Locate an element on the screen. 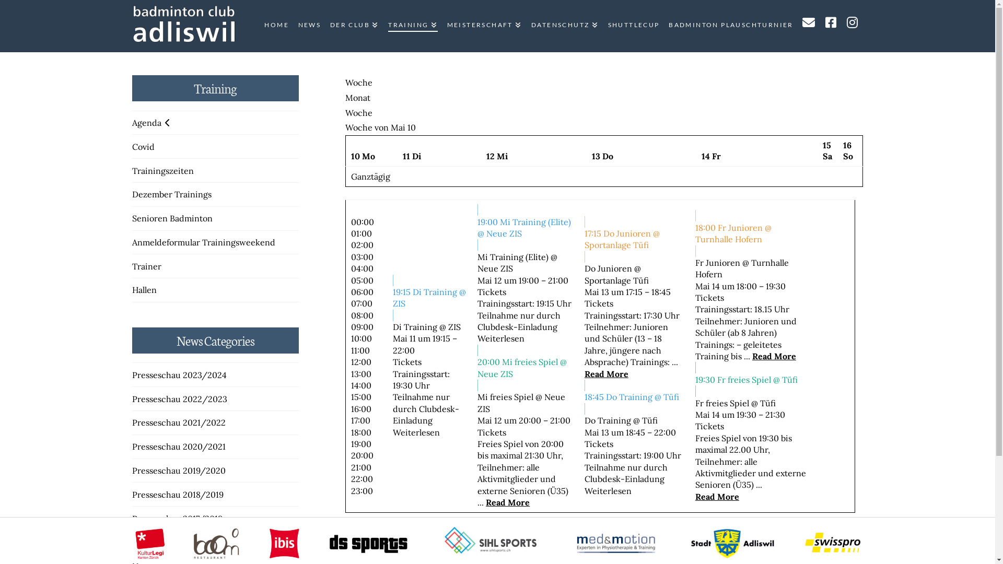 The height and width of the screenshot is (564, 1003). '20:00 Mi freies Spiel @ Neue ZIS' is located at coordinates (526, 367).